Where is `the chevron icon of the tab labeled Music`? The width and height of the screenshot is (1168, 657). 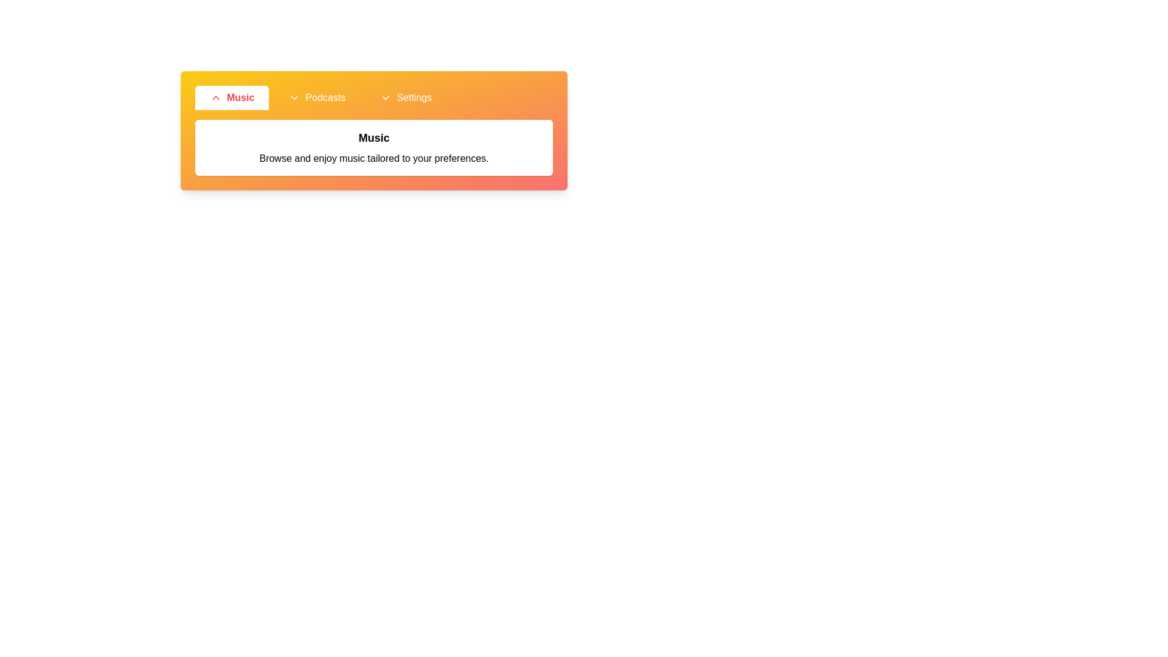
the chevron icon of the tab labeled Music is located at coordinates (216, 97).